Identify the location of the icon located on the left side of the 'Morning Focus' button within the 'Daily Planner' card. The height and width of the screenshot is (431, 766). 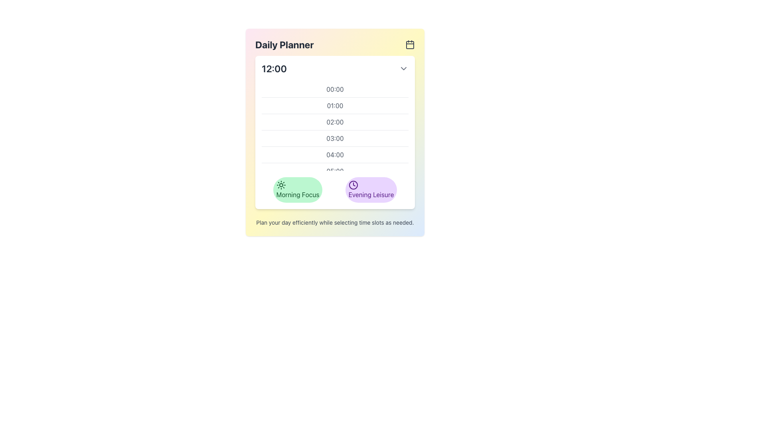
(281, 185).